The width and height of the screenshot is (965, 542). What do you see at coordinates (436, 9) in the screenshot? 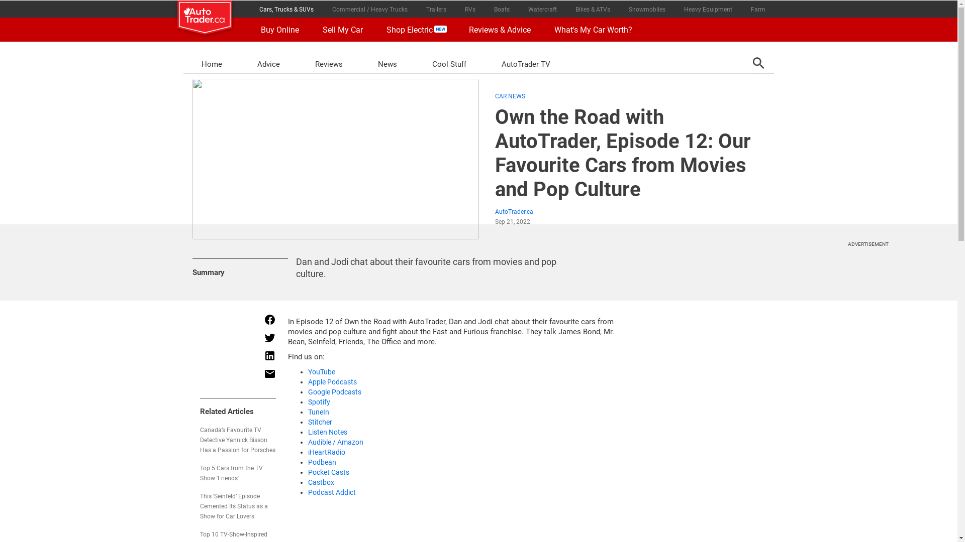
I see `'Trailers'` at bounding box center [436, 9].